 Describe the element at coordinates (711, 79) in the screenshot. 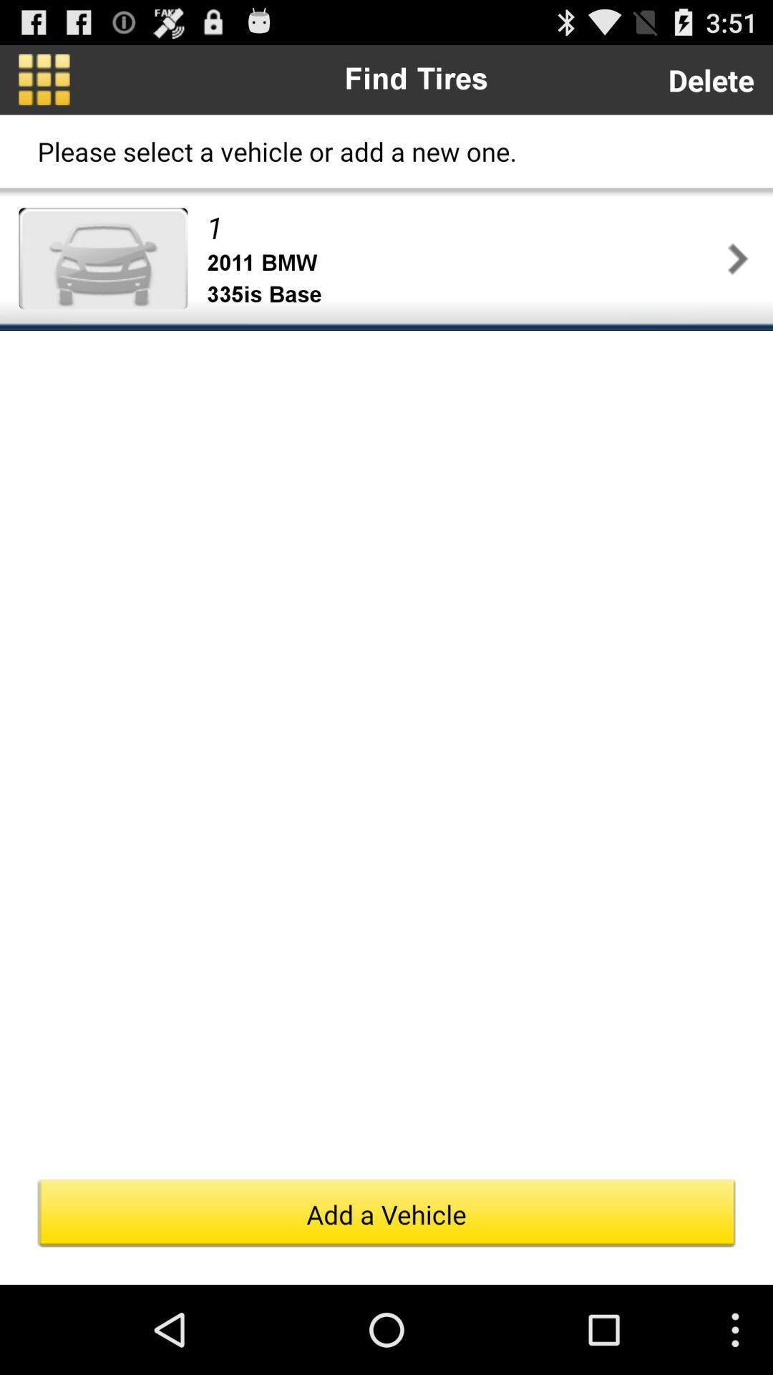

I see `the icon to the right of find tires app` at that location.